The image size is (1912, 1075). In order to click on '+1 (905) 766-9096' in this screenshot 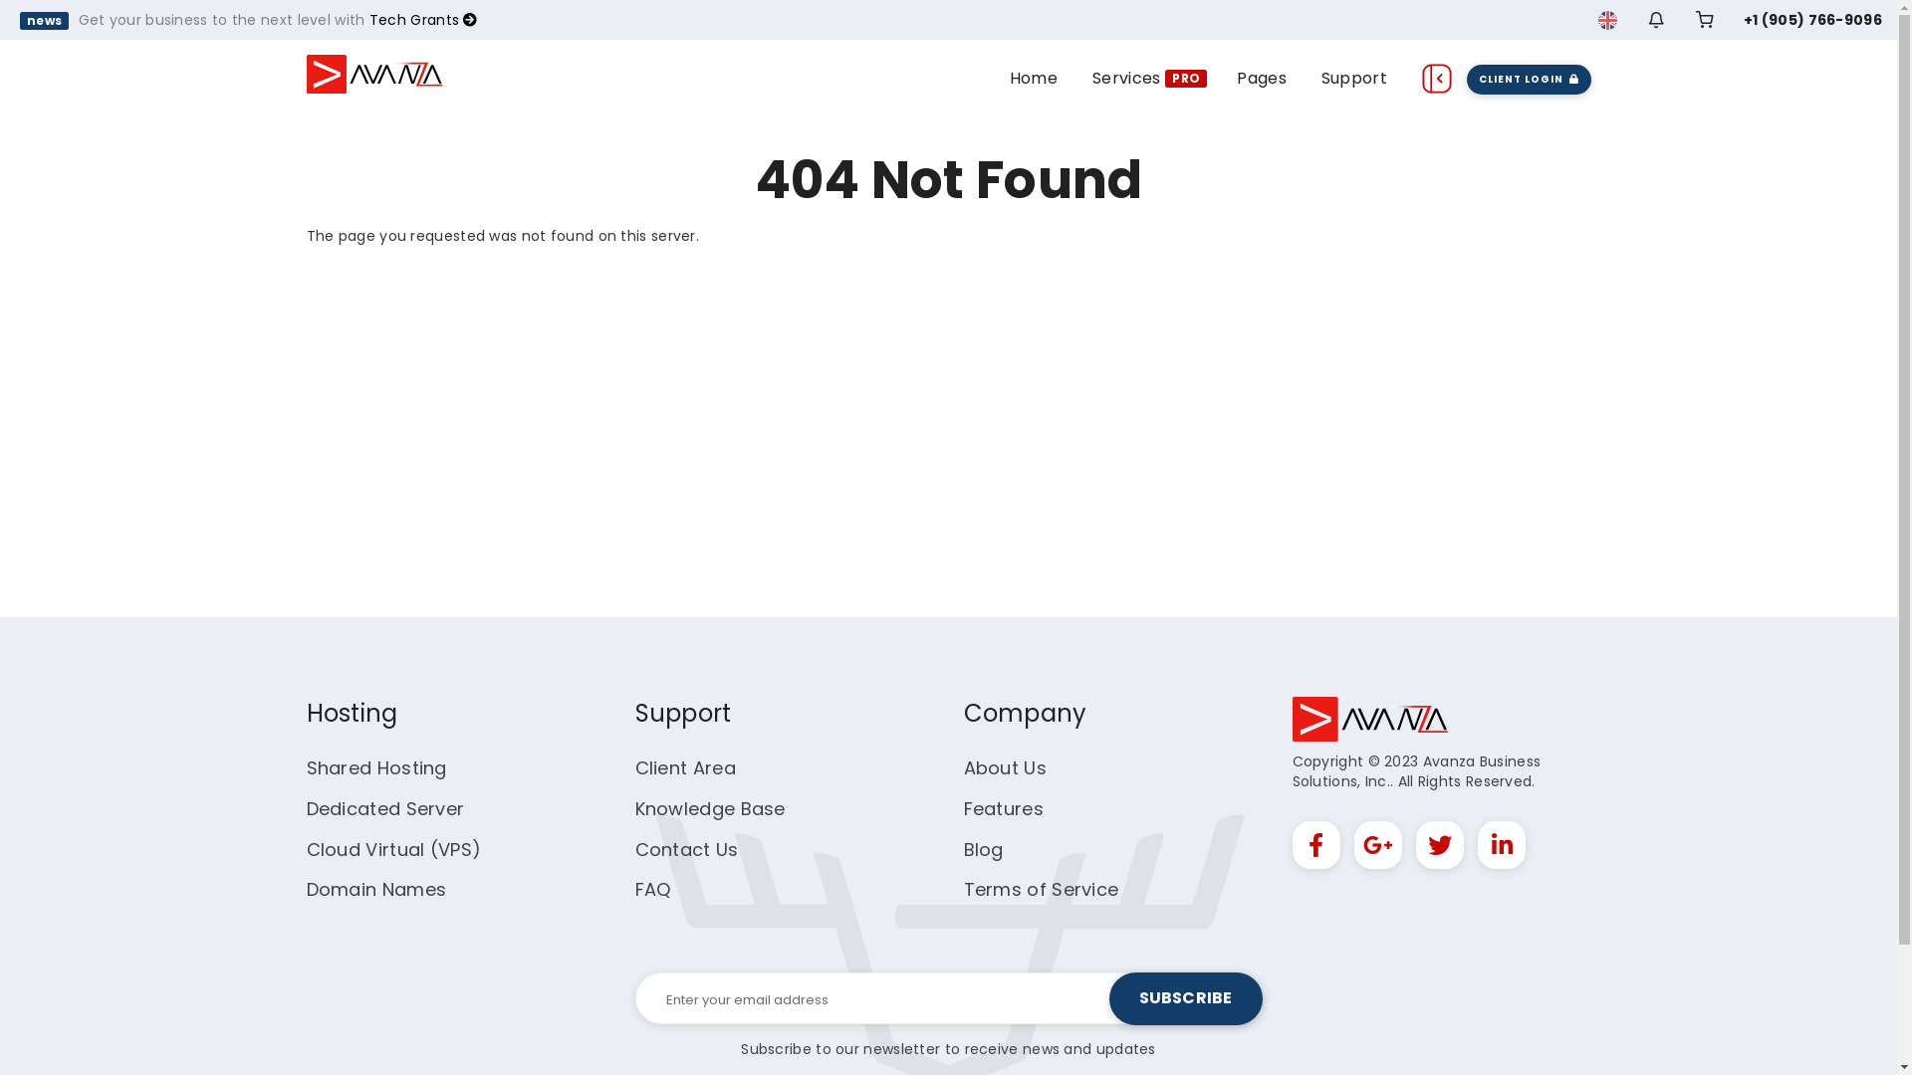, I will do `click(1812, 19)`.